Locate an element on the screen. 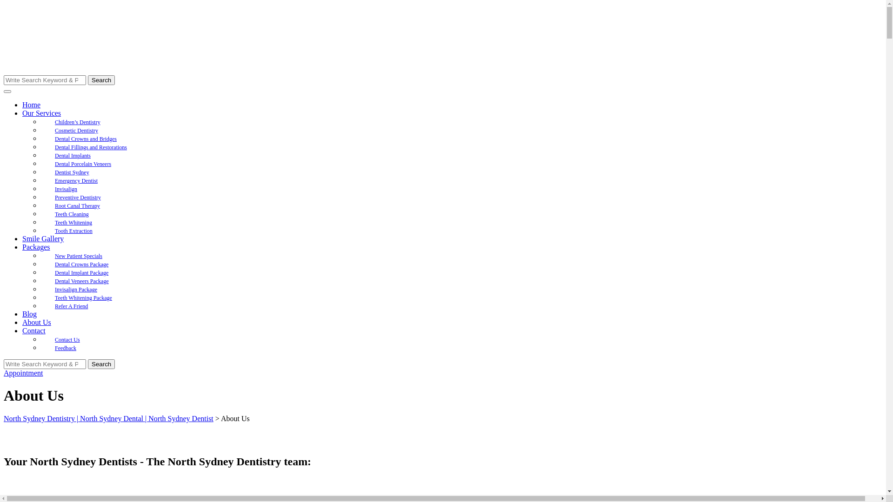 The image size is (893, 502). 'Dental Implant Package' is located at coordinates (81, 272).